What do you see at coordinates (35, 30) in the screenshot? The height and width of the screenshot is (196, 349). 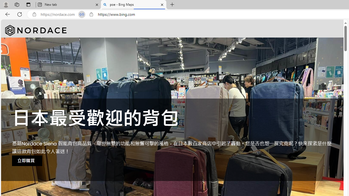 I see `'Nordace'` at bounding box center [35, 30].